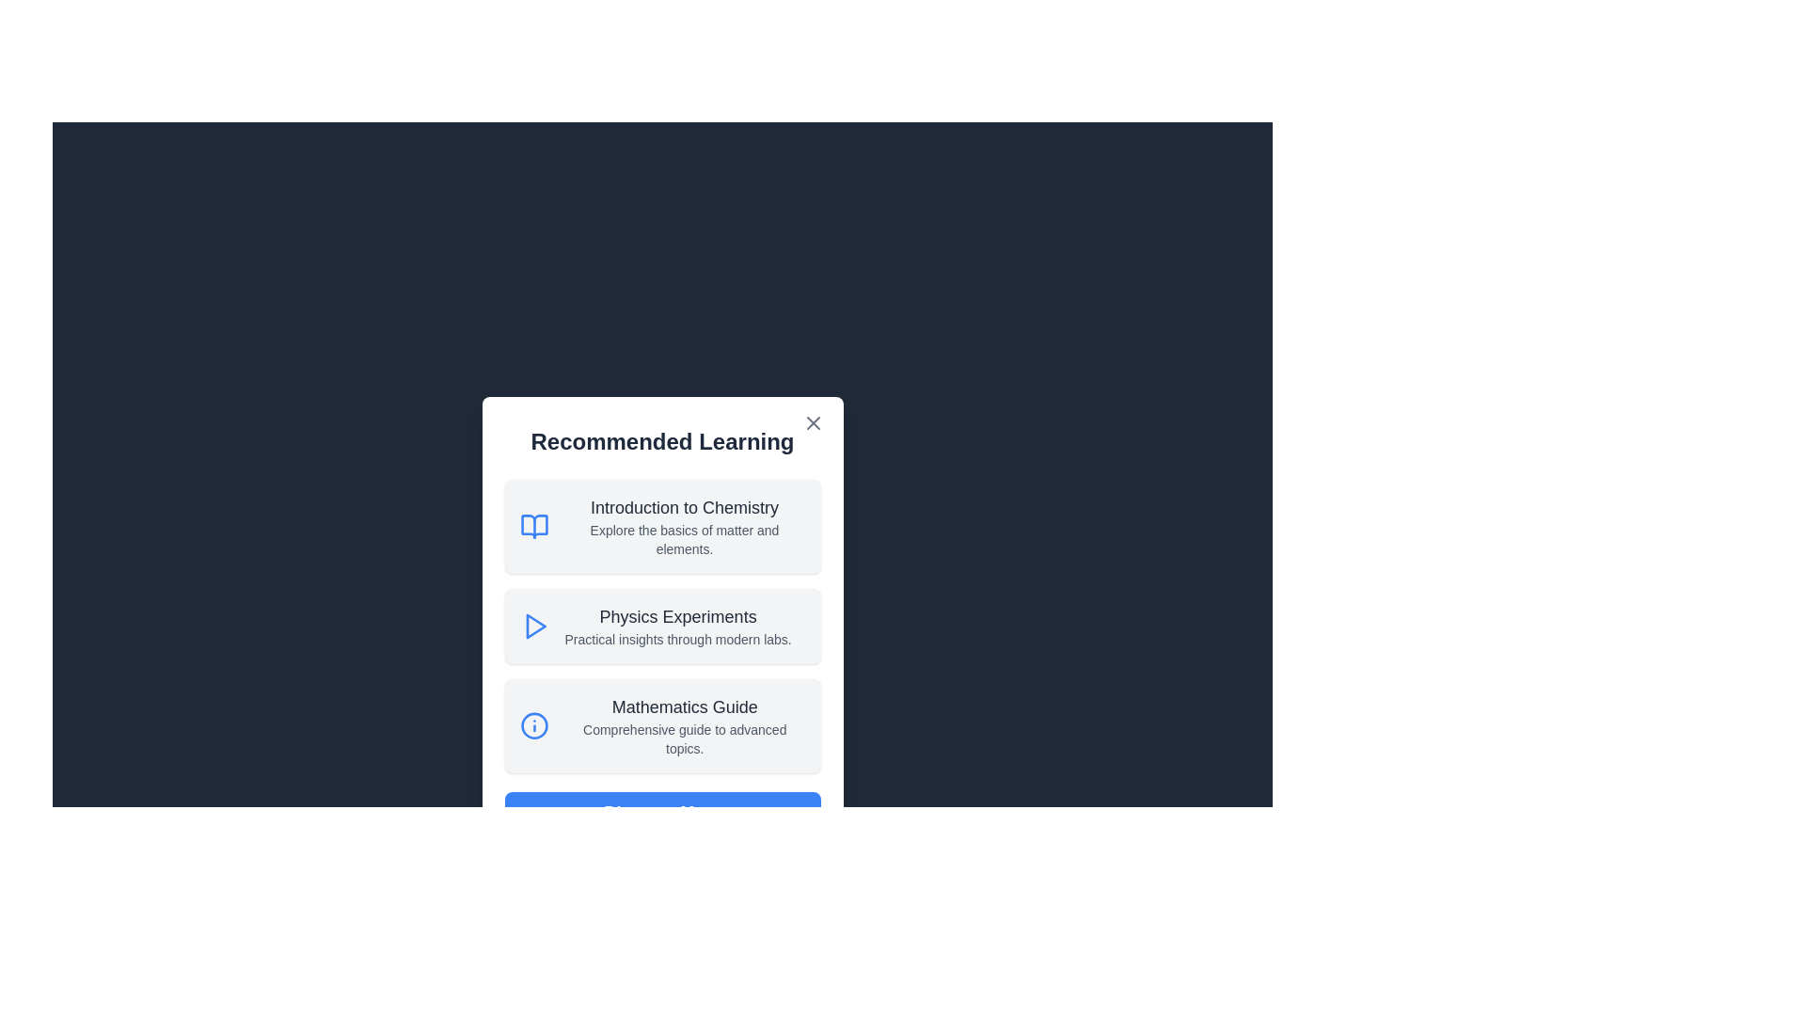  I want to click on the Play button icon located near the 'Physics Experiments' item in the recommended learning list, so click(534, 627).